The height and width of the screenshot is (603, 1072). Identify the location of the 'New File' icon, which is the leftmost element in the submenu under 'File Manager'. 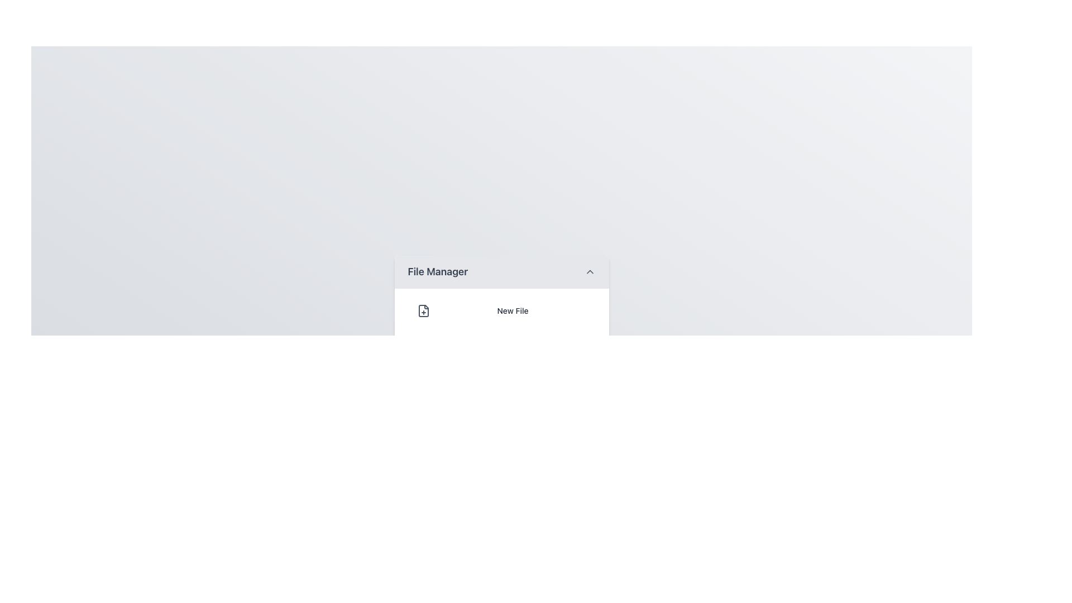
(423, 310).